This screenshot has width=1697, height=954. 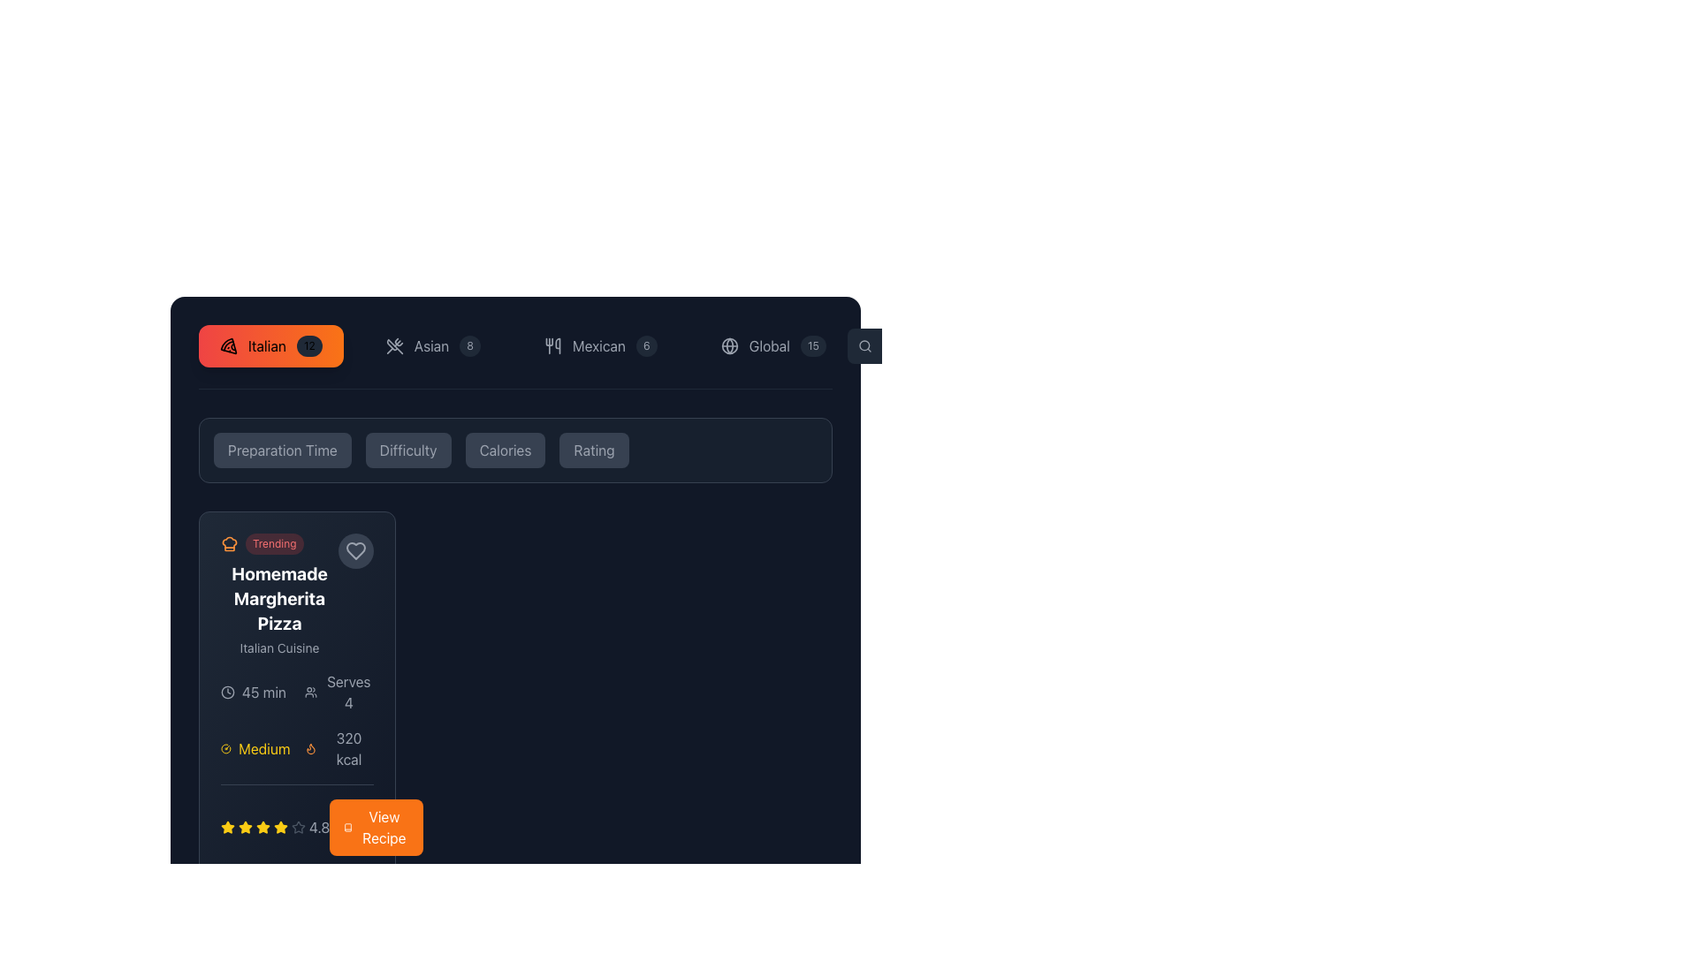 I want to click on layout visually of the Information grid containing recipe details, which includes preparation time, serving size, difficulty level, and calorie information, so click(x=297, y=721).